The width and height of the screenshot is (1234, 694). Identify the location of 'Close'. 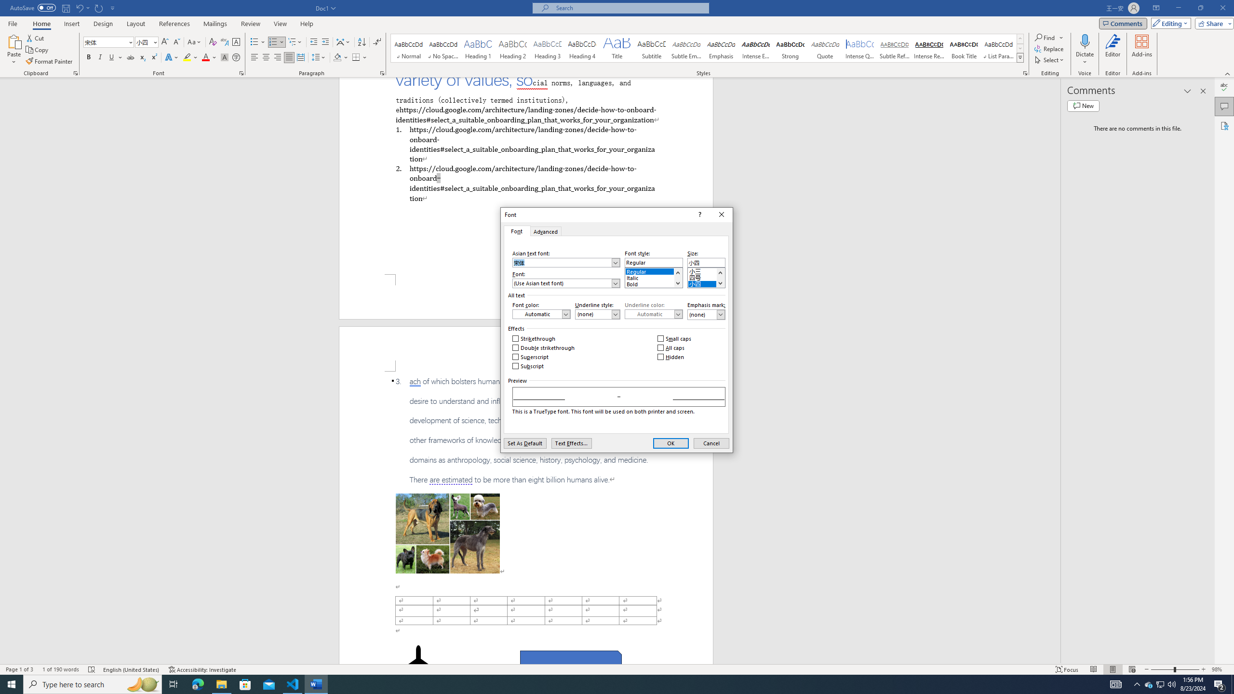
(721, 214).